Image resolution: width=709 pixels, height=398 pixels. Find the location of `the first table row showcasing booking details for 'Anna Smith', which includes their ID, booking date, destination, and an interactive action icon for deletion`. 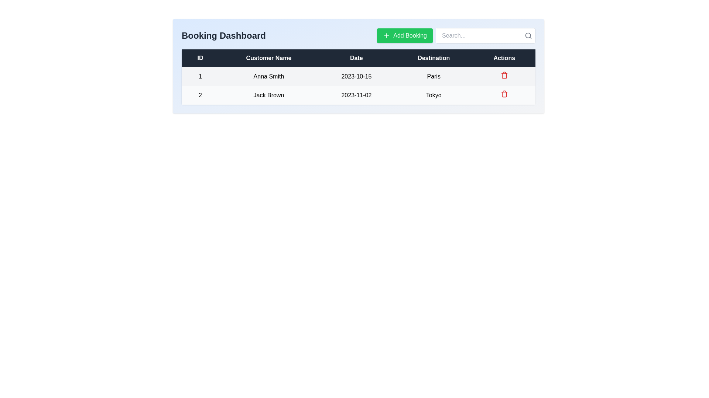

the first table row showcasing booking details for 'Anna Smith', which includes their ID, booking date, destination, and an interactive action icon for deletion is located at coordinates (358, 76).